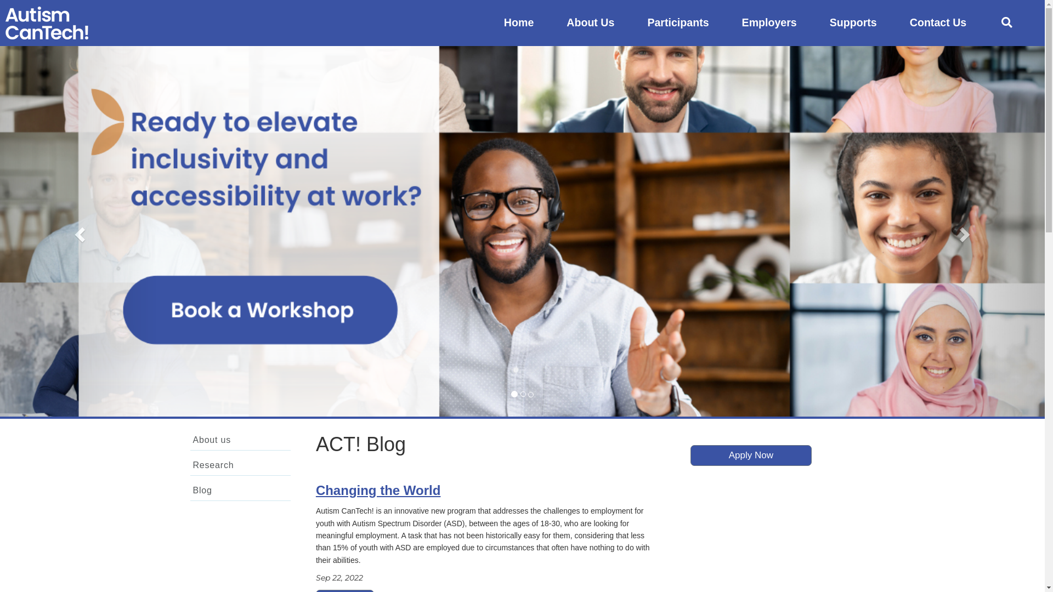 This screenshot has height=592, width=1053. I want to click on 'Home', so click(518, 23).